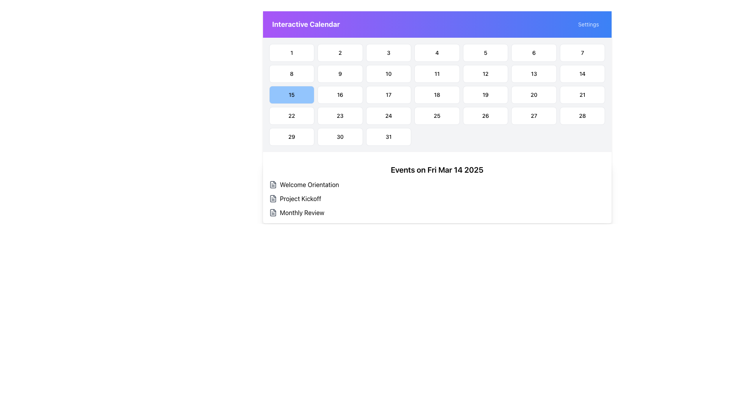 Image resolution: width=747 pixels, height=420 pixels. What do you see at coordinates (291, 94) in the screenshot?
I see `the Calendar Date Tile representing the date '15'` at bounding box center [291, 94].